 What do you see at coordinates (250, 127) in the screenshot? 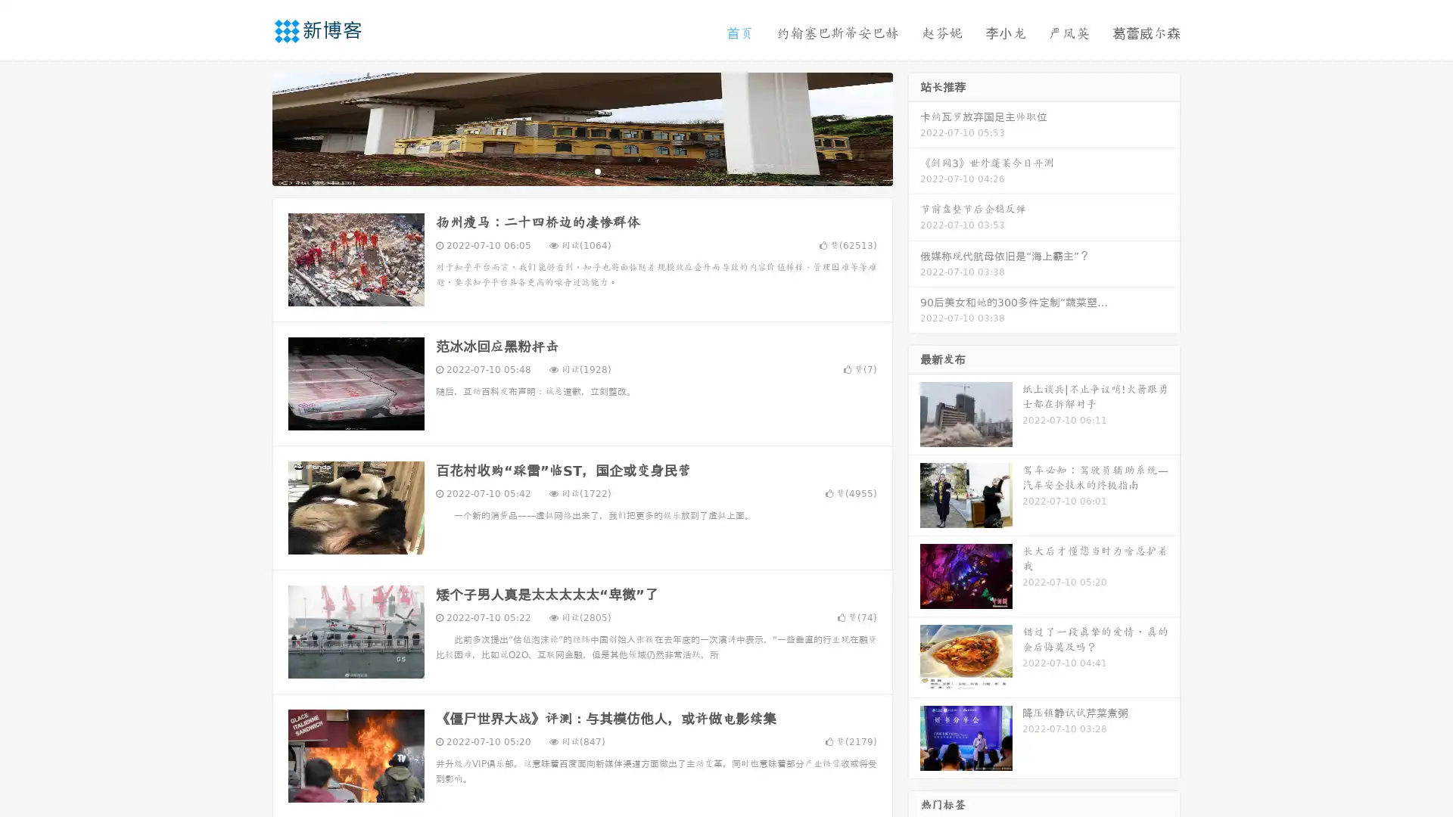
I see `Previous slide` at bounding box center [250, 127].